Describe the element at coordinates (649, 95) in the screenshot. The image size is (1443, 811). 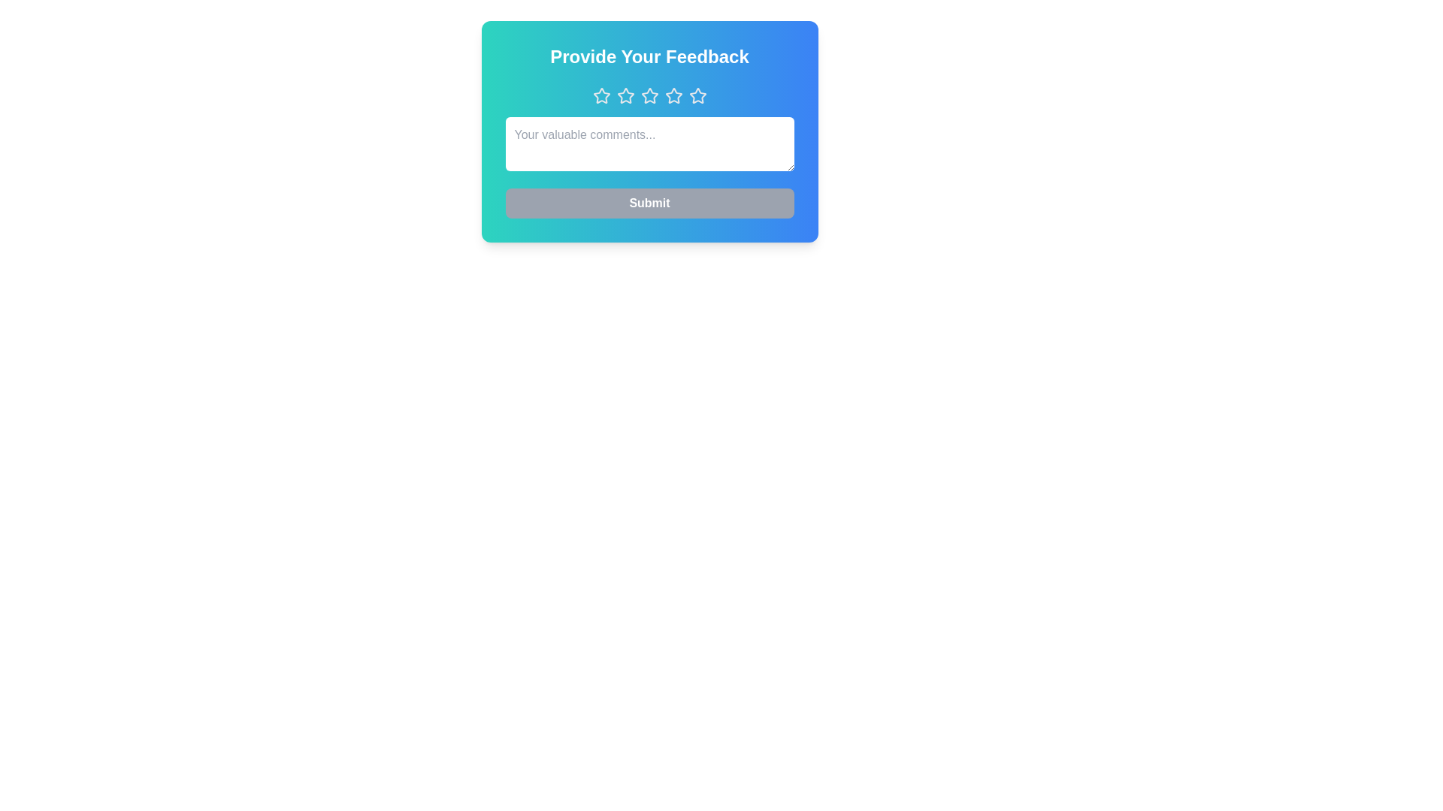
I see `the star button corresponding to the desired rating 3` at that location.